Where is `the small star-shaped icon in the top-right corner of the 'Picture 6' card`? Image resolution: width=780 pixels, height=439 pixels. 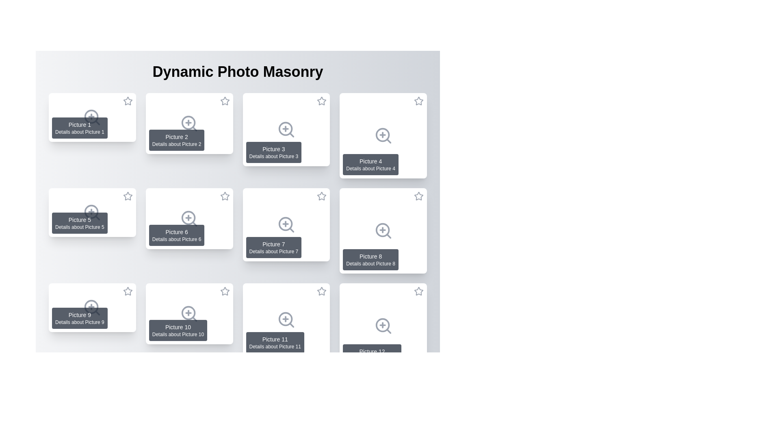
the small star-shaped icon in the top-right corner of the 'Picture 6' card is located at coordinates (225, 198).